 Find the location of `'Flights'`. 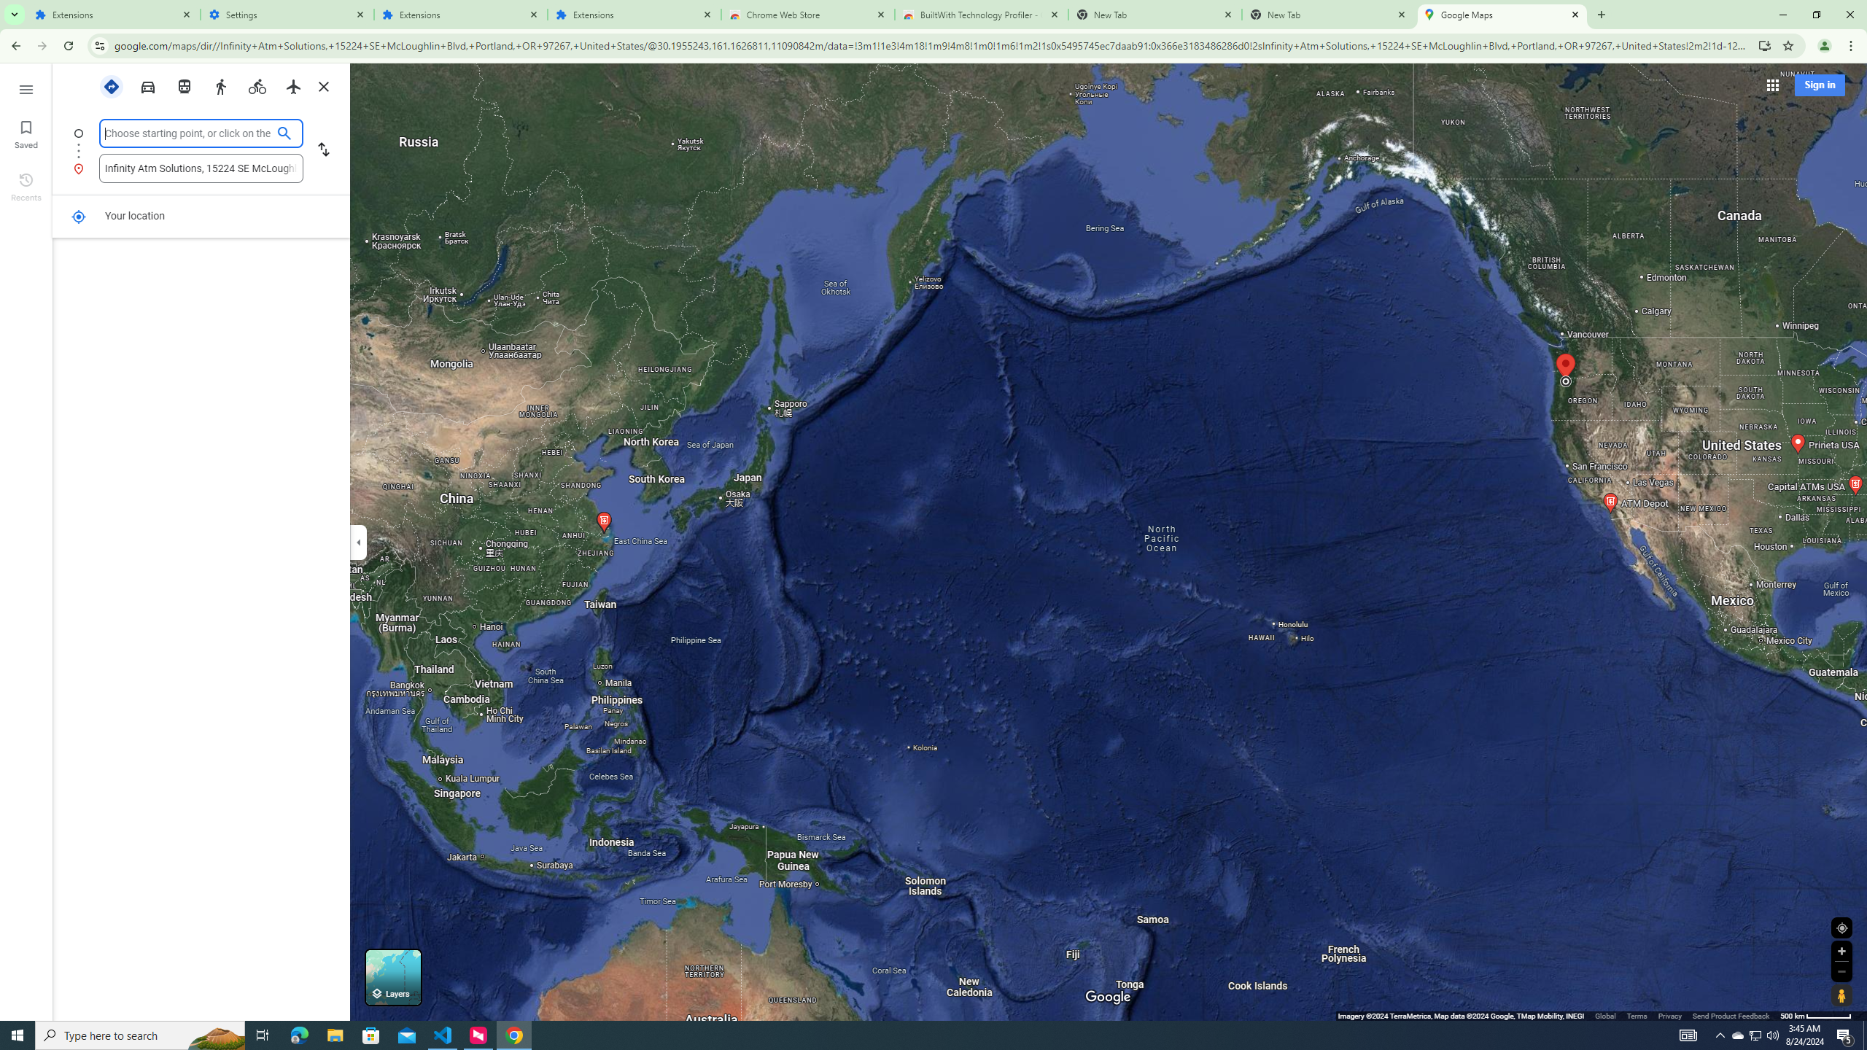

'Flights' is located at coordinates (294, 86).